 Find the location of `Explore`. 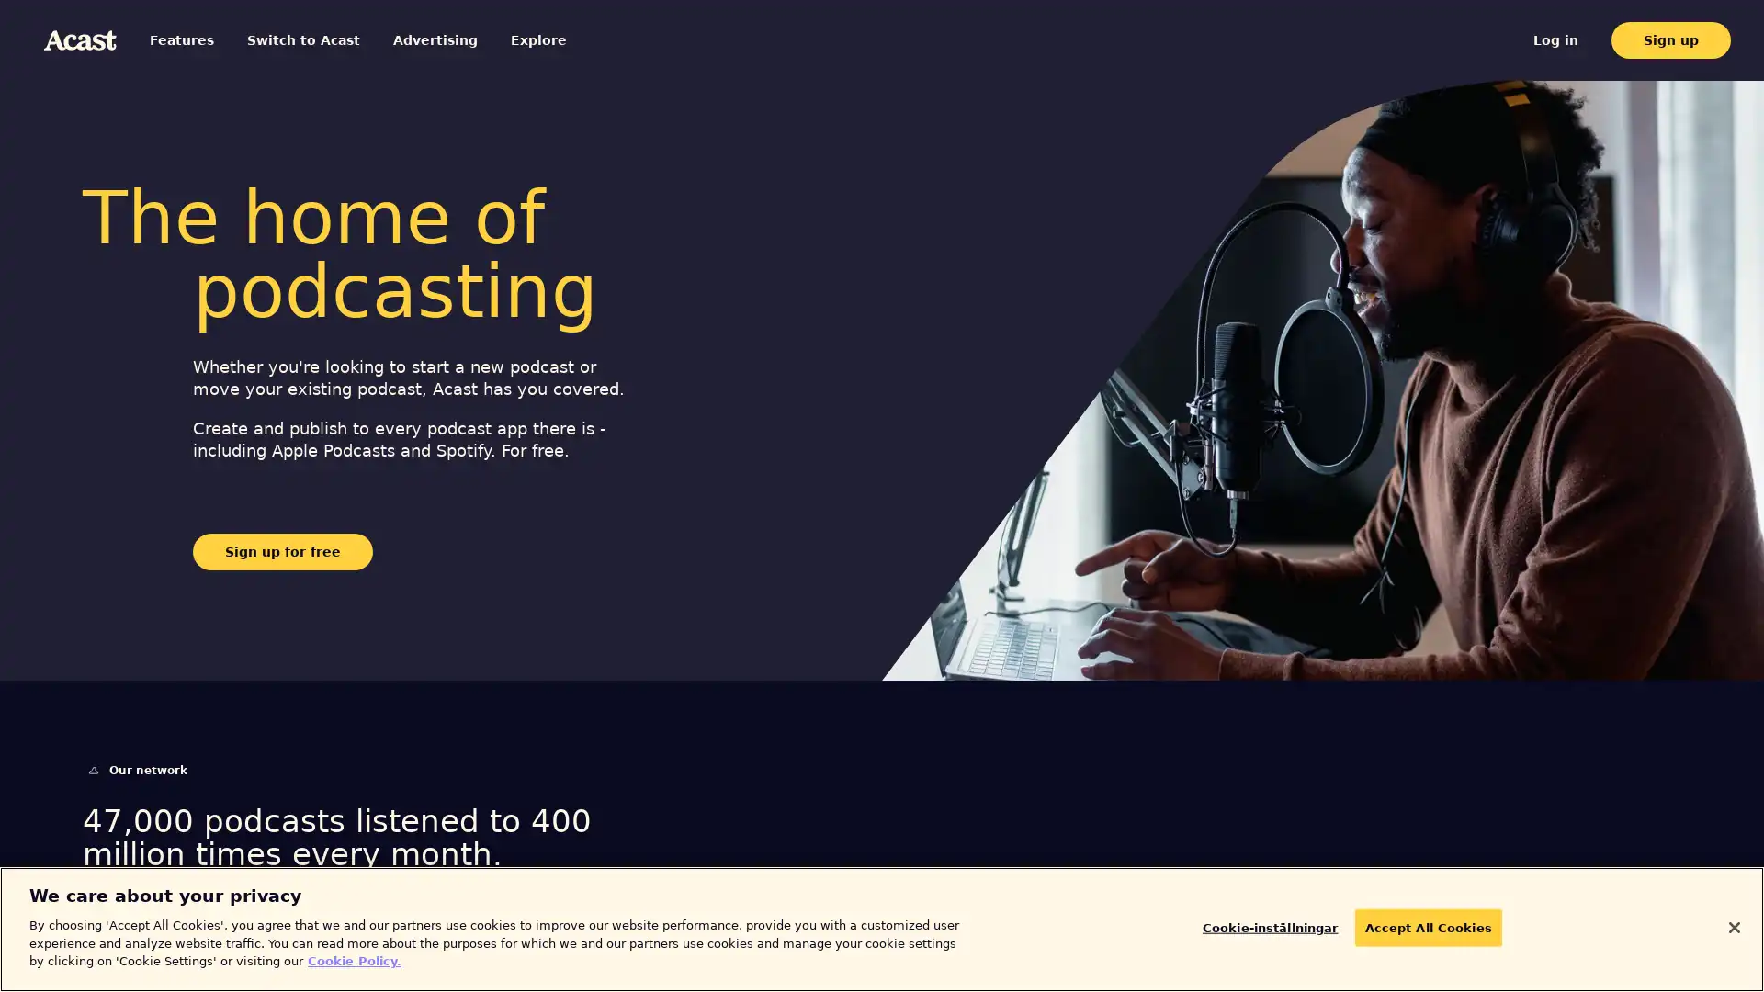

Explore is located at coordinates (489, 39).